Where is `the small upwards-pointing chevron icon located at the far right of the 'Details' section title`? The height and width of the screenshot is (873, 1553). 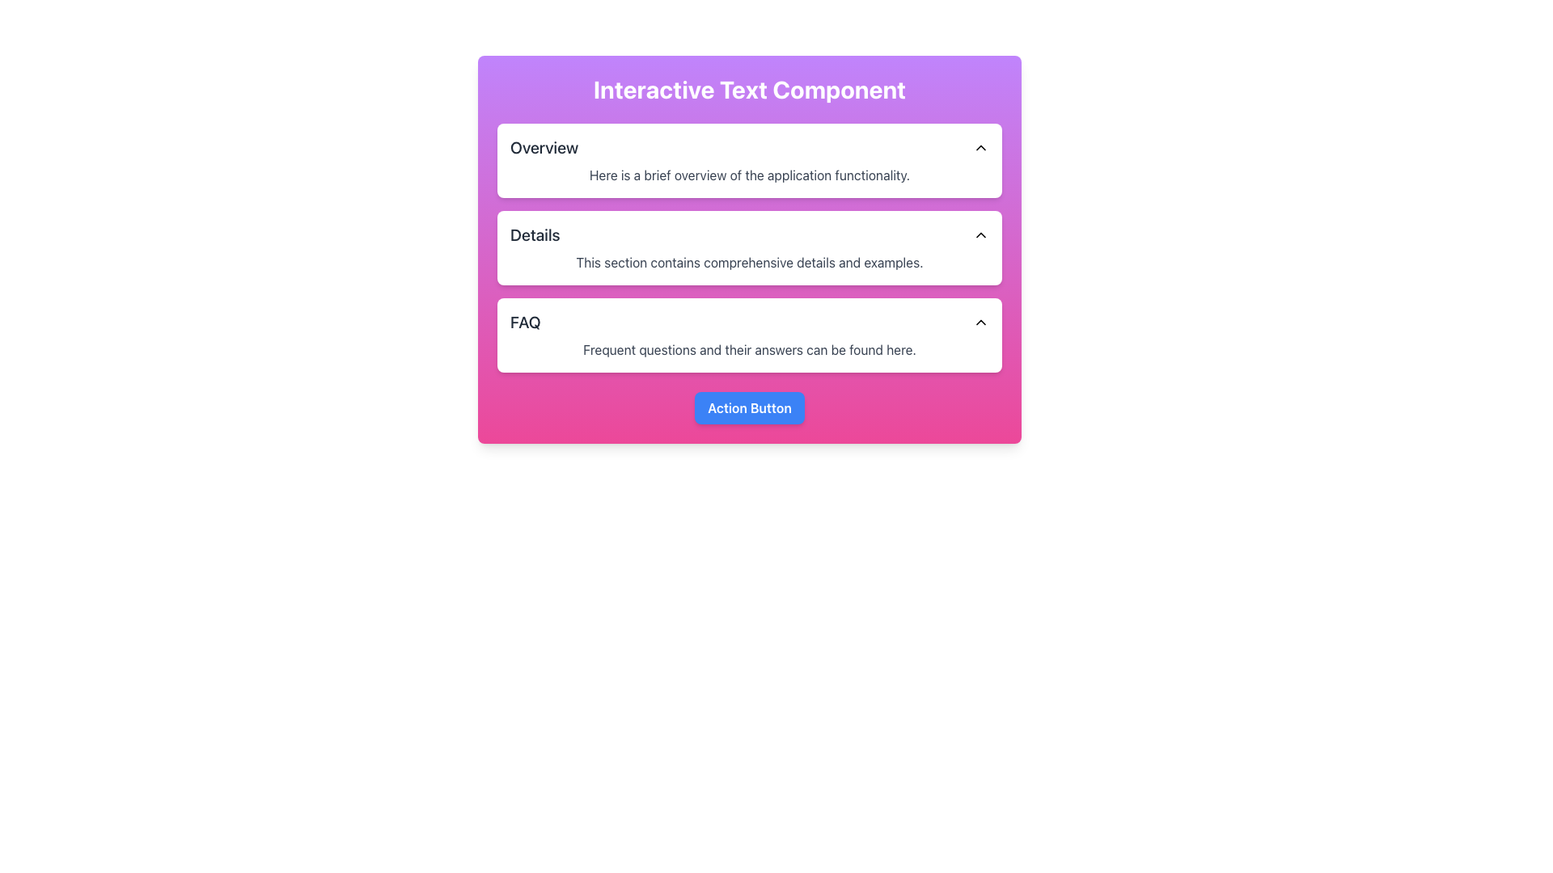
the small upwards-pointing chevron icon located at the far right of the 'Details' section title is located at coordinates (980, 234).